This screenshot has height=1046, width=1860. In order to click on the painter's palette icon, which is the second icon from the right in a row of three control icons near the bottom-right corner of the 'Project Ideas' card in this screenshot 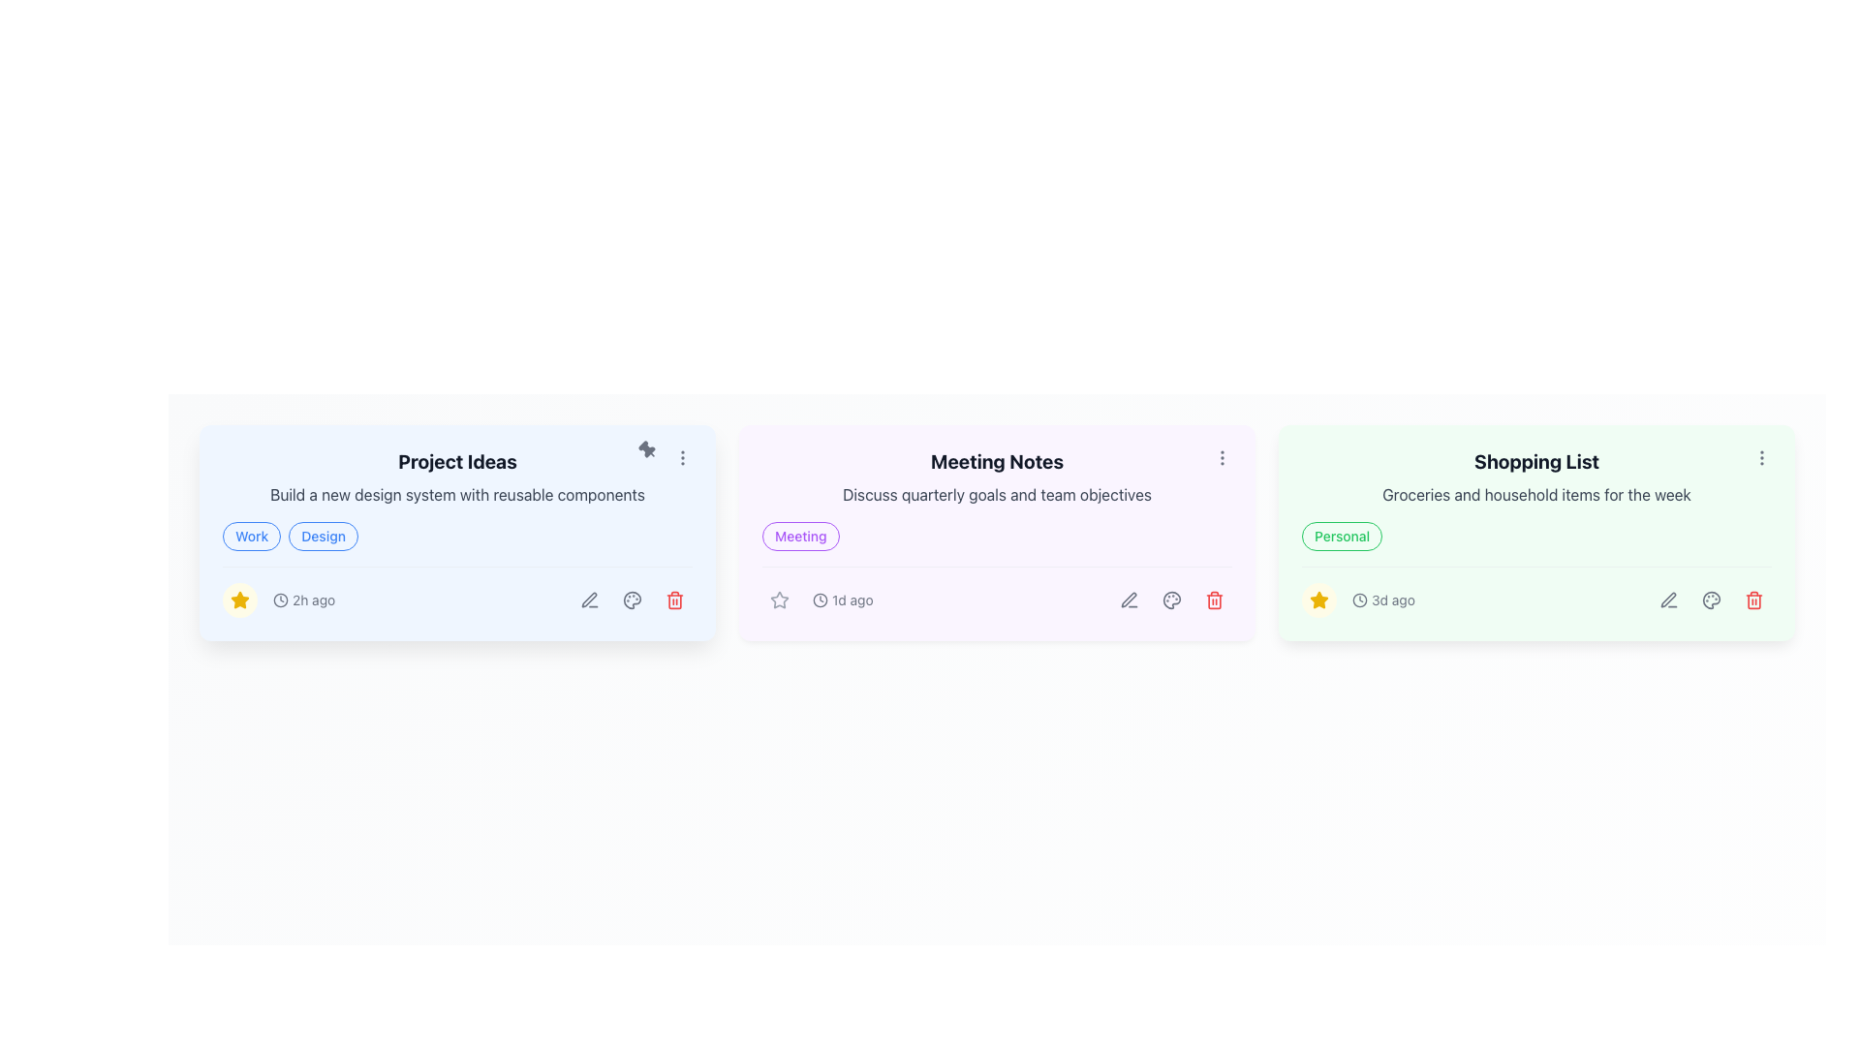, I will do `click(632, 600)`.